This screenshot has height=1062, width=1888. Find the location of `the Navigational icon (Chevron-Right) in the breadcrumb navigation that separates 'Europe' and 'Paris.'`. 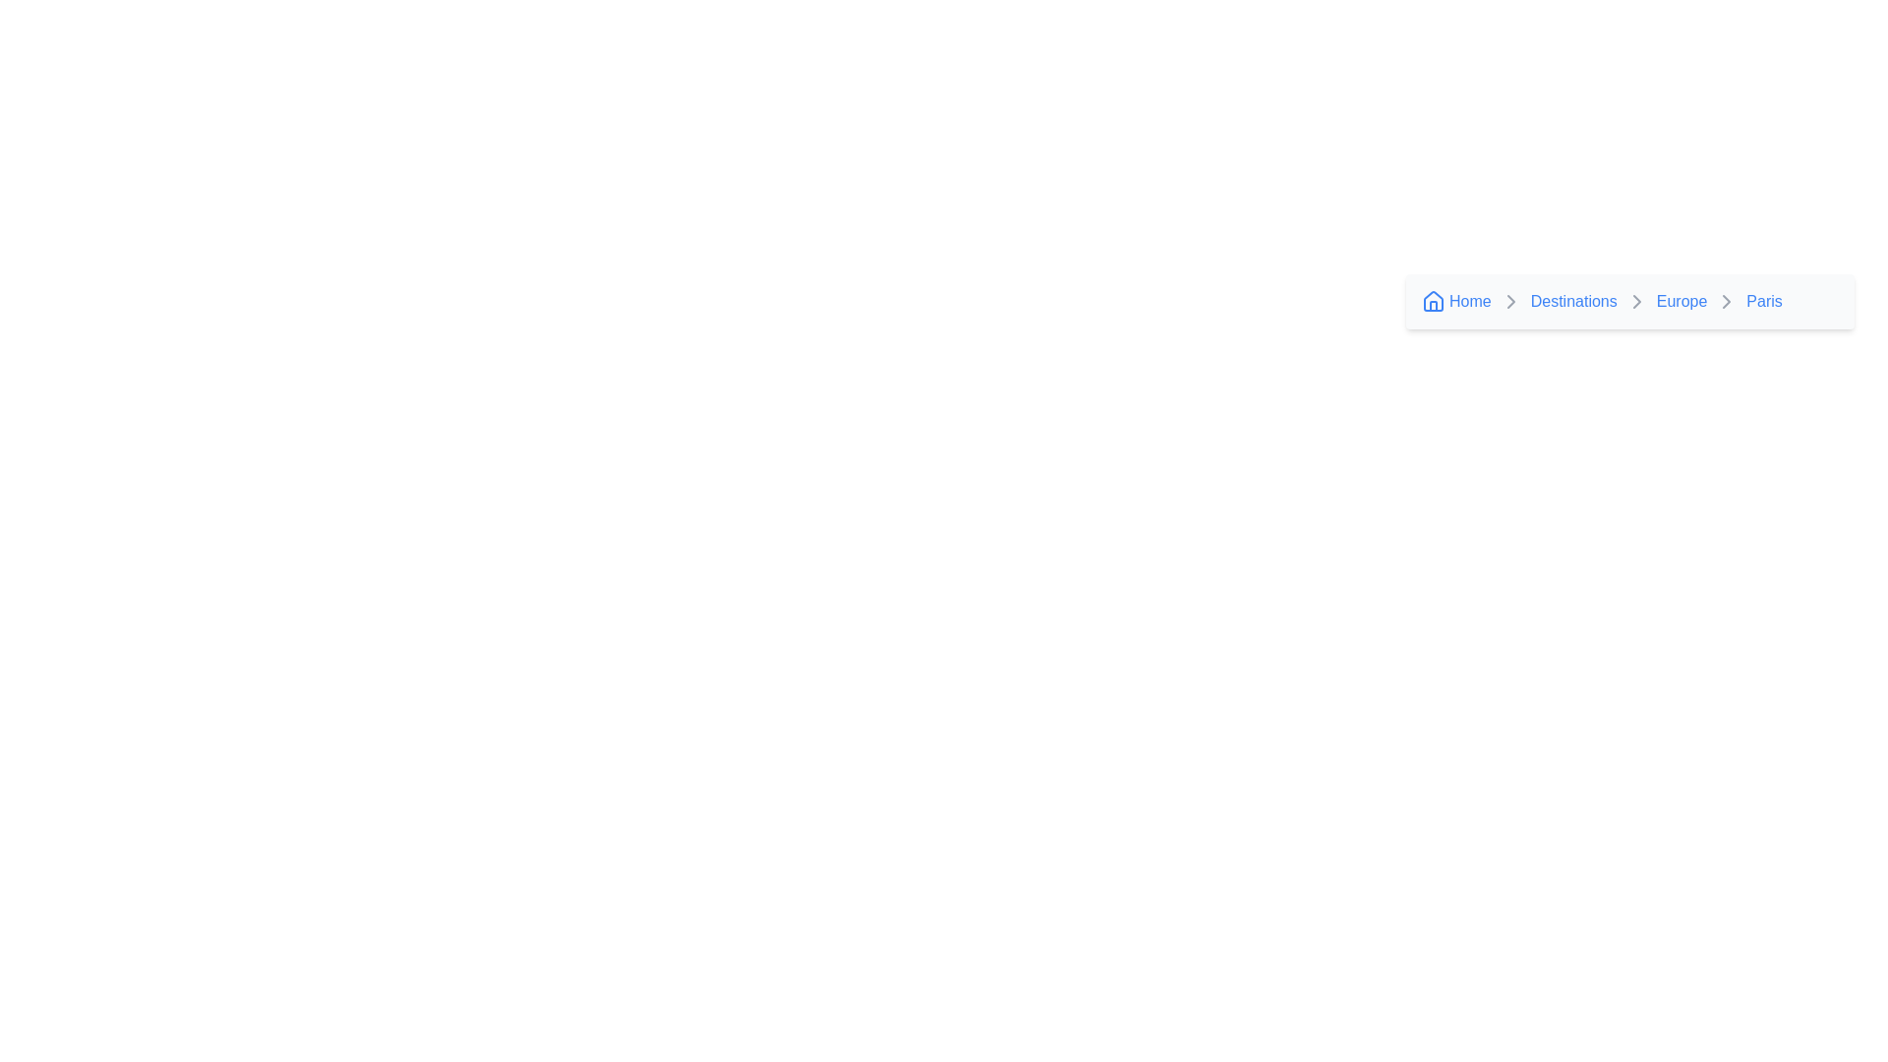

the Navigational icon (Chevron-Right) in the breadcrumb navigation that separates 'Europe' and 'Paris.' is located at coordinates (1509, 302).